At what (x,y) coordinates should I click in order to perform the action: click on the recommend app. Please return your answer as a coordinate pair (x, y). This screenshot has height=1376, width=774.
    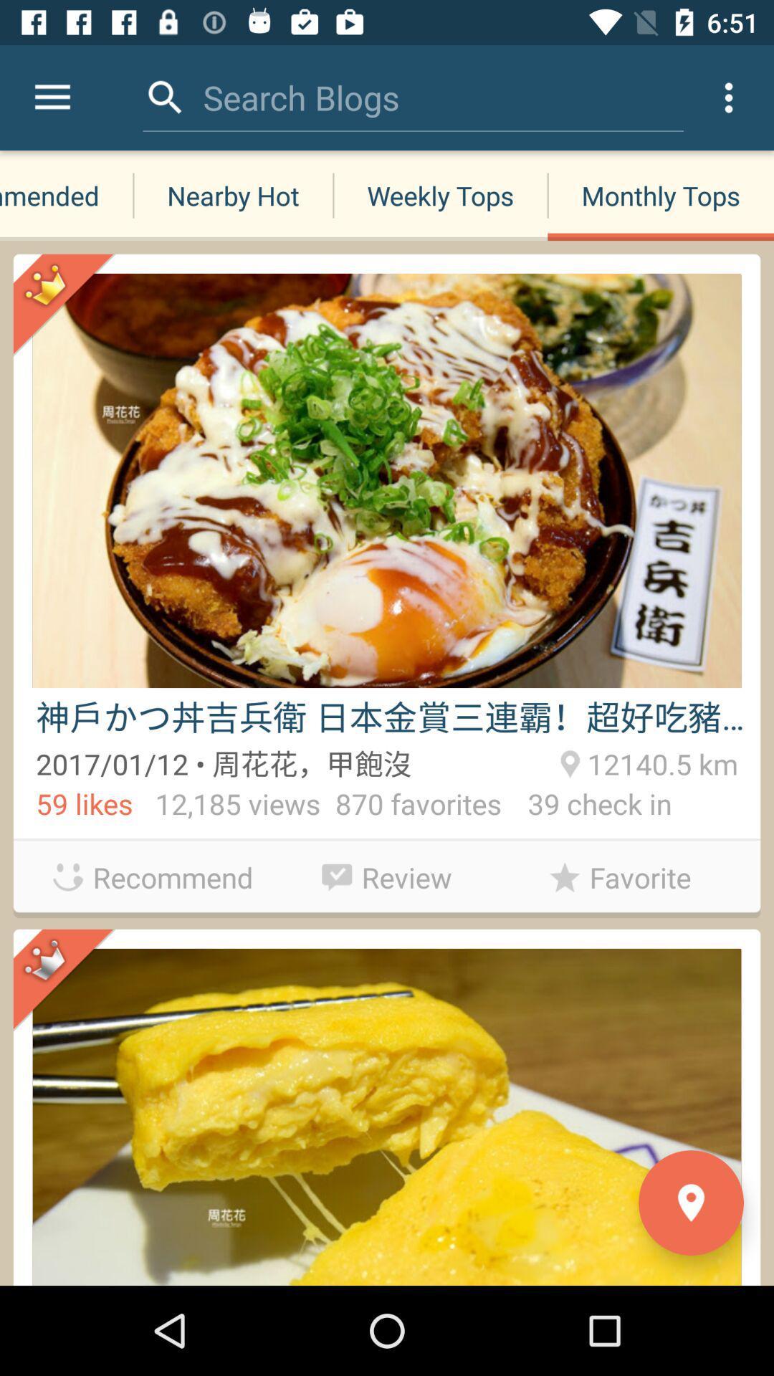
    Looking at the image, I should click on (153, 876).